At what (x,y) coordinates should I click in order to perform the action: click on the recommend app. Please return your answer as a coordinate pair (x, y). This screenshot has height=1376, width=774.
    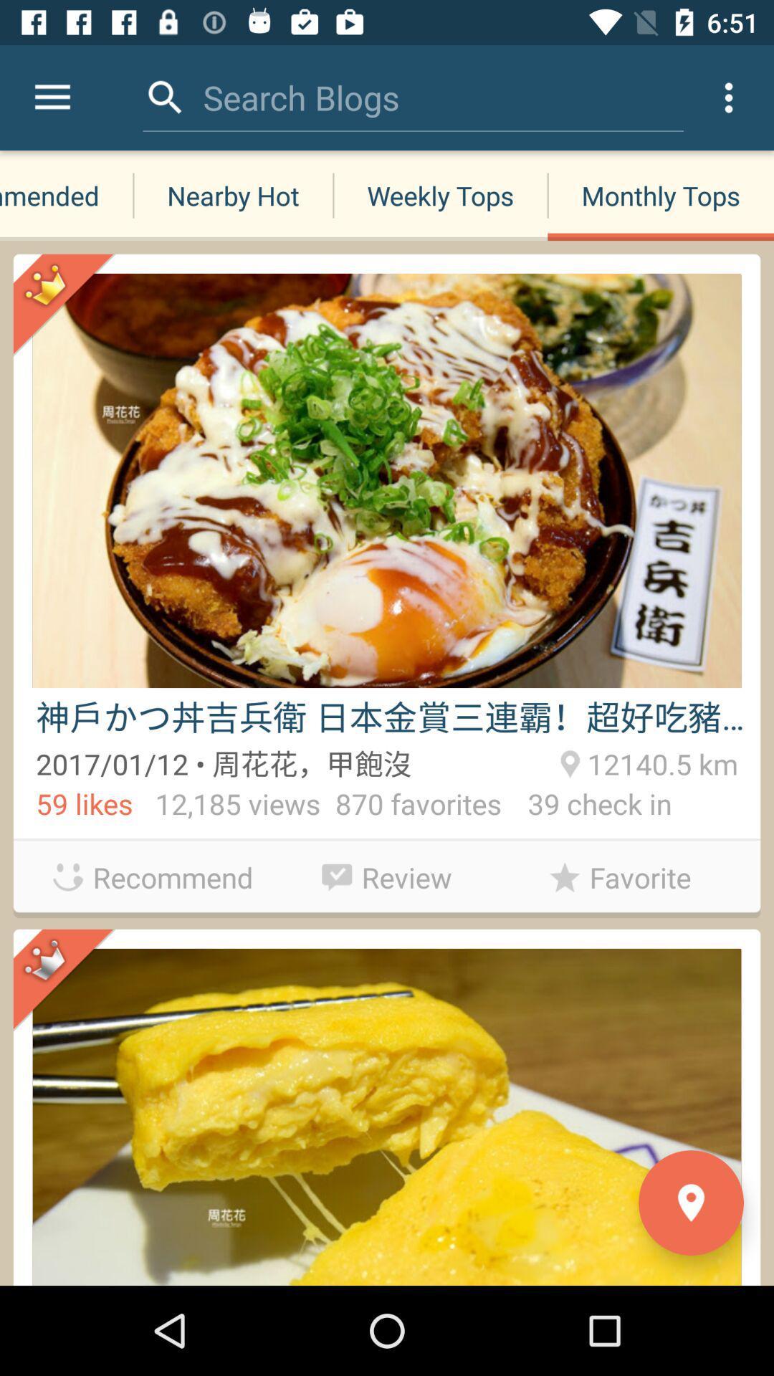
    Looking at the image, I should click on (153, 876).